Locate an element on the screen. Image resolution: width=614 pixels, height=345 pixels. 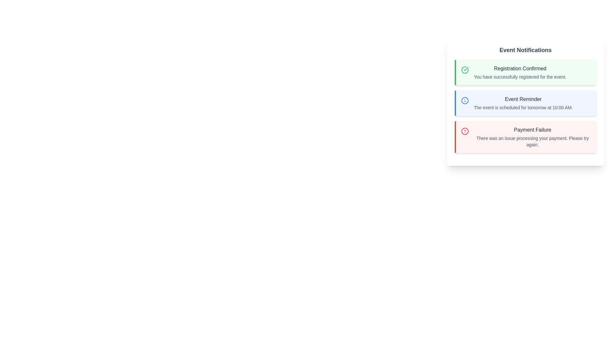
the error notification banner that informs the user about a failed payment attempt, which is the third notification in the vertical list is located at coordinates (532, 136).